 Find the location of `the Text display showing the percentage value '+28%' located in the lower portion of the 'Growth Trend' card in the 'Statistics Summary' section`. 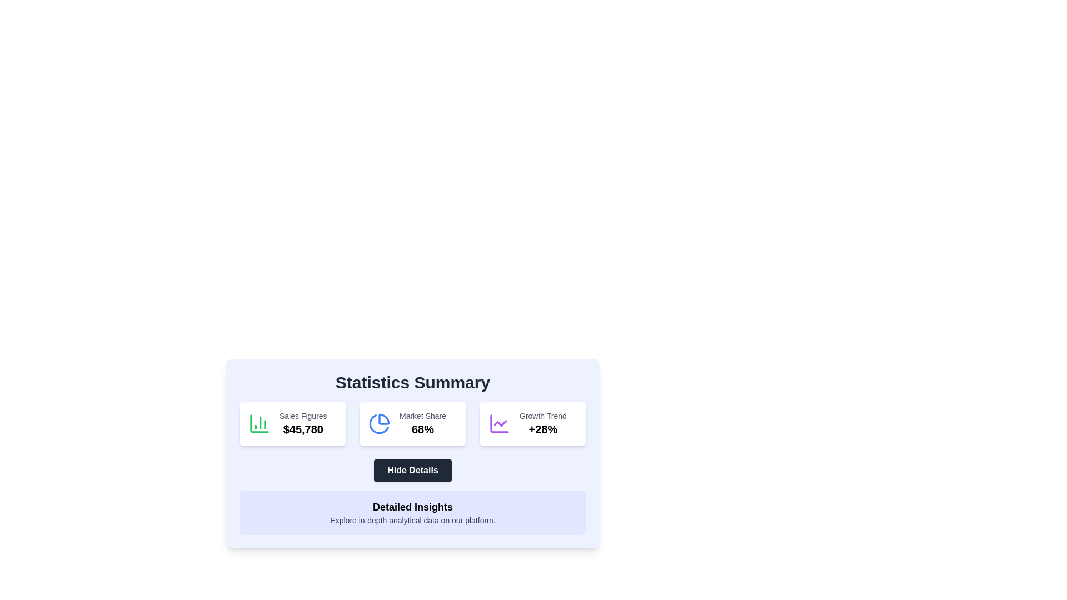

the Text display showing the percentage value '+28%' located in the lower portion of the 'Growth Trend' card in the 'Statistics Summary' section is located at coordinates (543, 428).